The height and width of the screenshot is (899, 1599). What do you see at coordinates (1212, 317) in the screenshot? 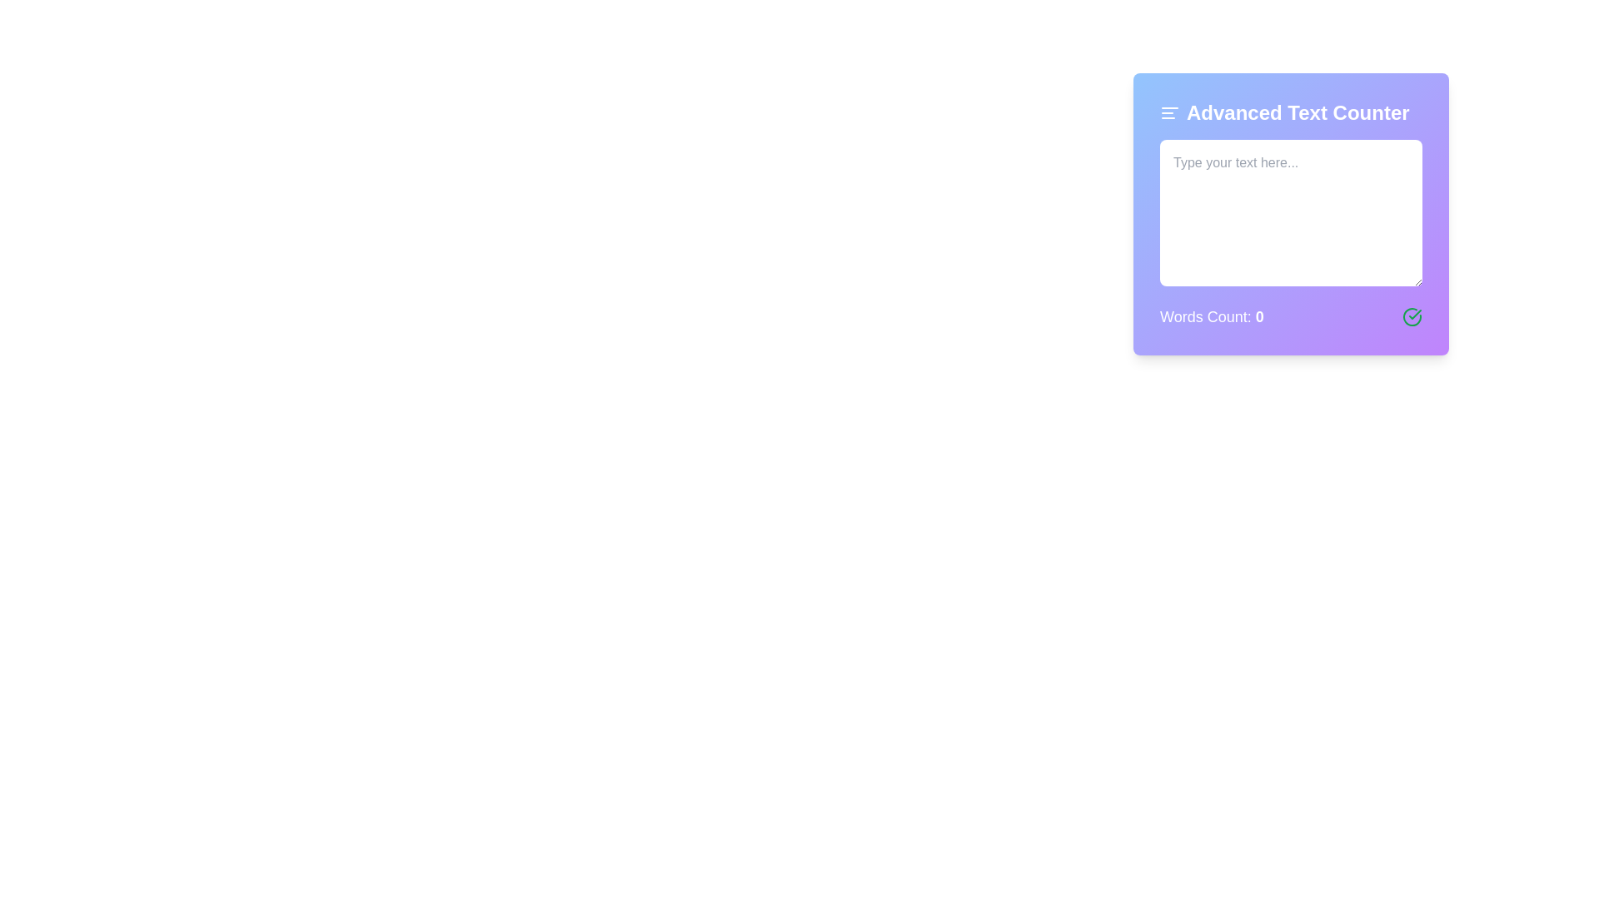
I see `the static text label that reads 'Words Count: 0', which is styled with a large font size and located in a light purple area at the leftmost position of its horizontal section` at bounding box center [1212, 317].